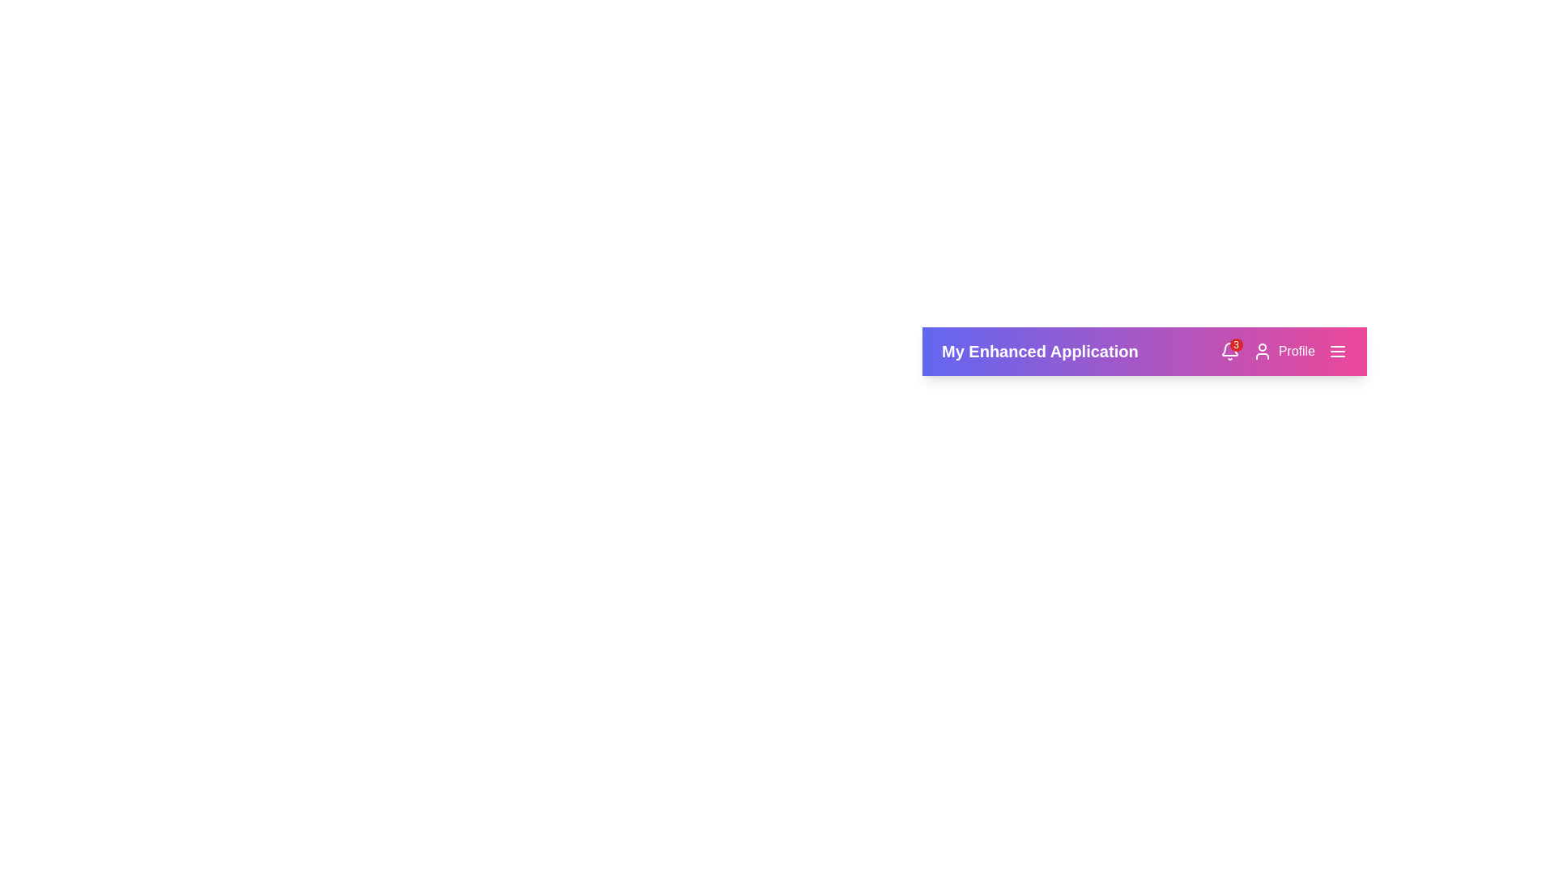 The width and height of the screenshot is (1555, 875). I want to click on the menu icon in the StyledAppBar component, so click(1337, 351).